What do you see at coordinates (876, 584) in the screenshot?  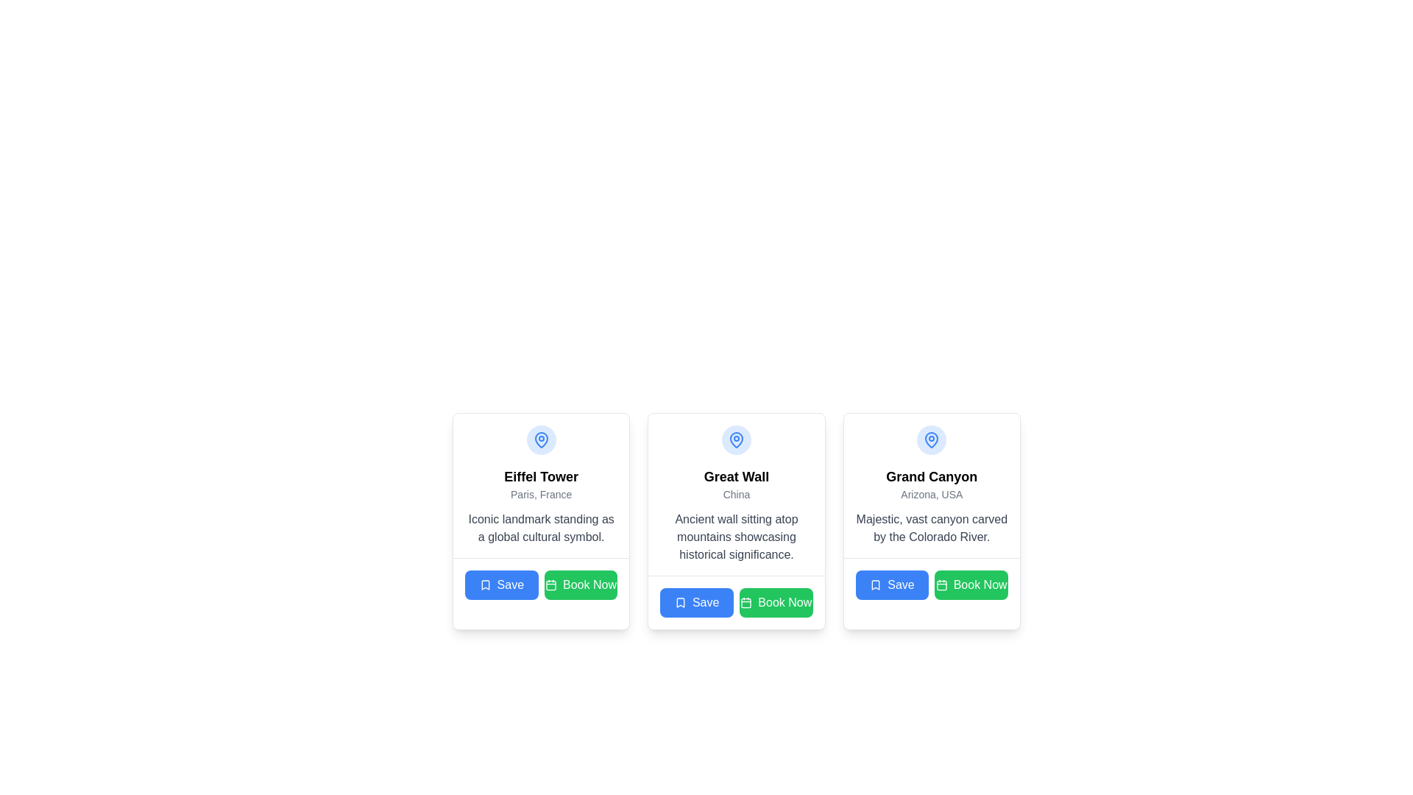 I see `the small blue bookmark icon located on the left side of the text in the 'Save' button within the bottom section of the 'Grand Canyon' card` at bounding box center [876, 584].